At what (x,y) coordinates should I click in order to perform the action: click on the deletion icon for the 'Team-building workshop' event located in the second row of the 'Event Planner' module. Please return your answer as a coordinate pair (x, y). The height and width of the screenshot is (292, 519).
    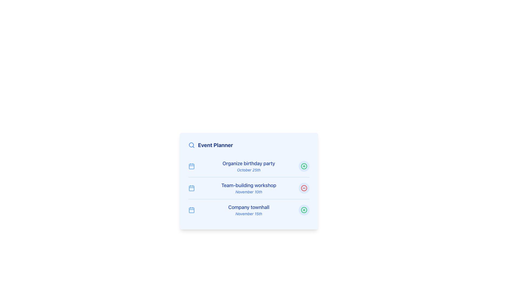
    Looking at the image, I should click on (304, 188).